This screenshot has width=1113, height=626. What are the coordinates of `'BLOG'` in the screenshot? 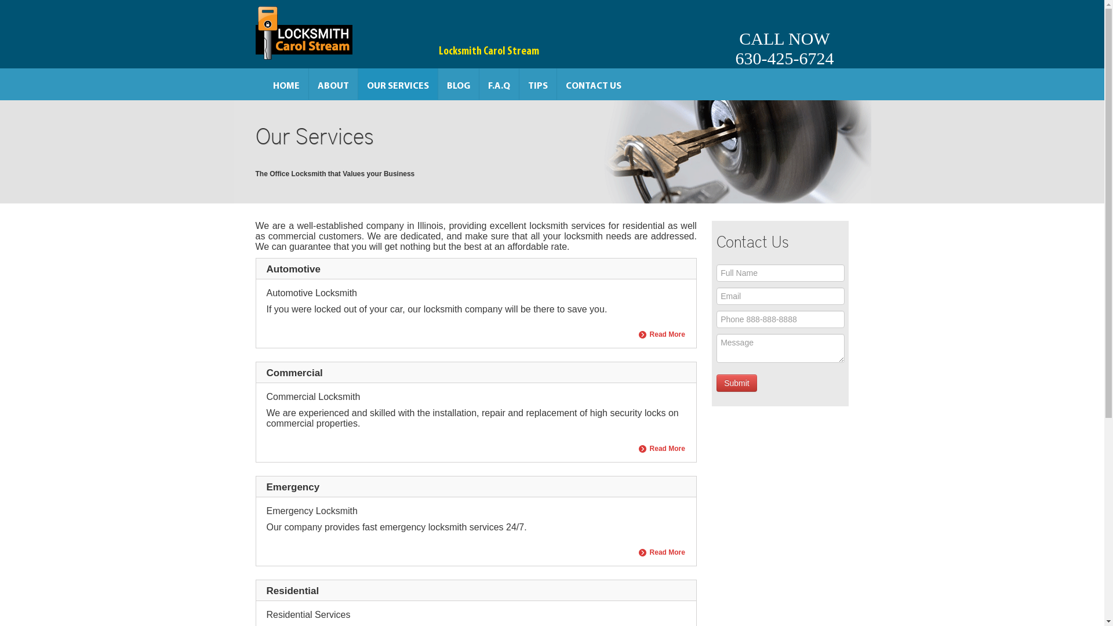 It's located at (458, 83).